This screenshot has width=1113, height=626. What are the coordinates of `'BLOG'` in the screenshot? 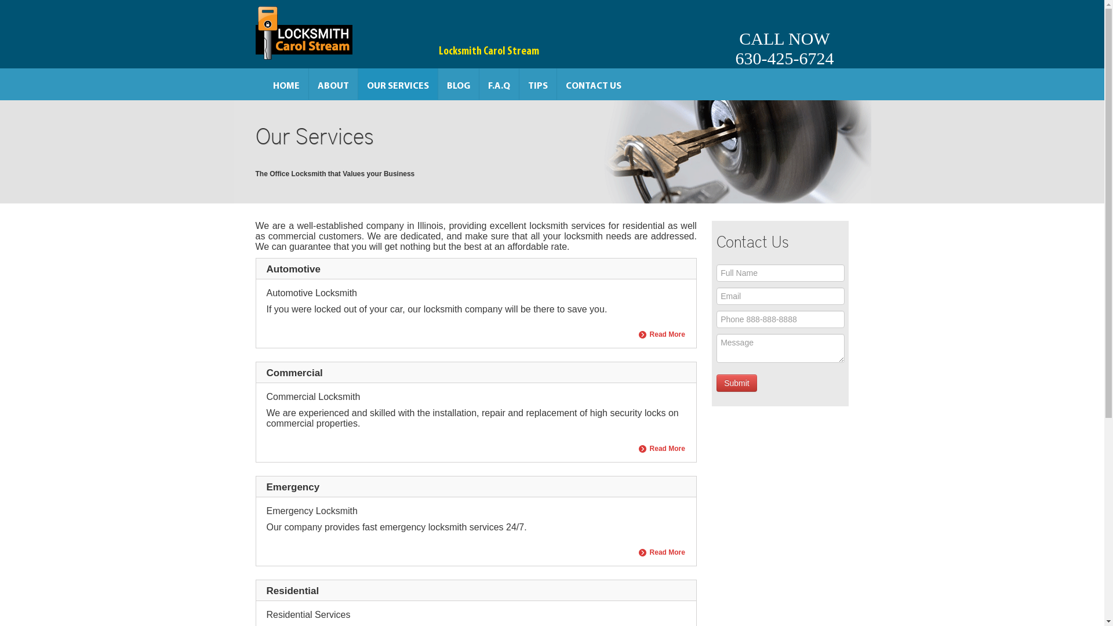 It's located at (458, 83).